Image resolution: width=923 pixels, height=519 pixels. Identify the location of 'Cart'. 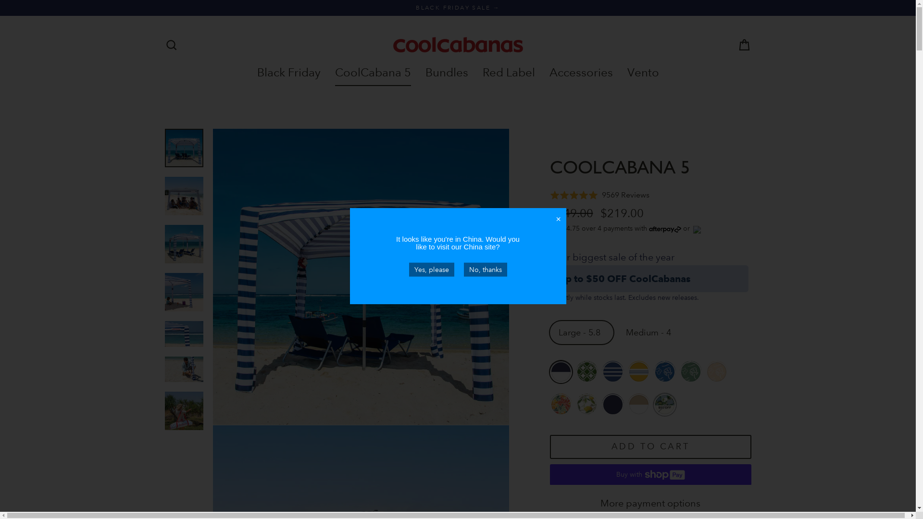
(744, 45).